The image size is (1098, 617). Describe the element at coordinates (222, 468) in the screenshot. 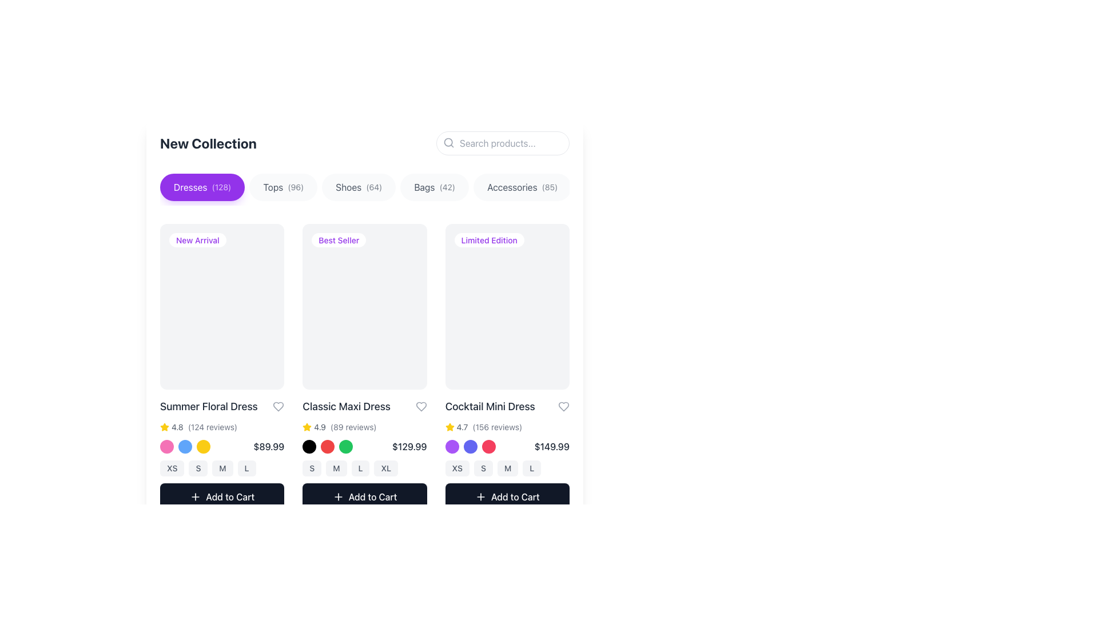

I see `the button labeled 'M', which is a medium-sized button with a light gray background, part of a group of size selection buttons beneath the price information for the 'Summer Floral Dress'` at that location.